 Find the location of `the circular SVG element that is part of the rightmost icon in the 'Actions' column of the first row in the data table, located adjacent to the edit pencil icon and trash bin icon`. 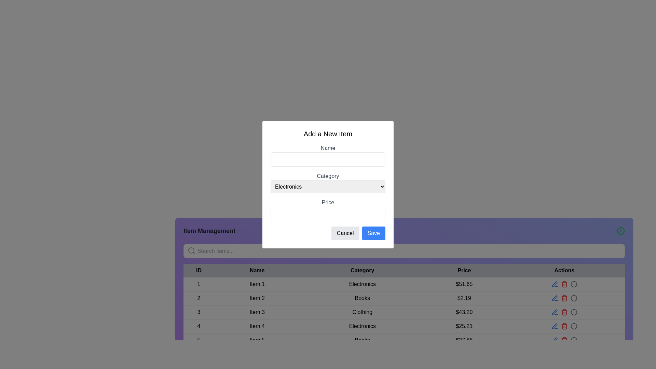

the circular SVG element that is part of the rightmost icon in the 'Actions' column of the first row in the data table, located adjacent to the edit pencil icon and trash bin icon is located at coordinates (574, 284).